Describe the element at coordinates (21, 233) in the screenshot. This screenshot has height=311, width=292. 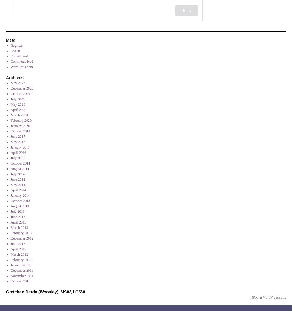
I see `'February 2013'` at that location.